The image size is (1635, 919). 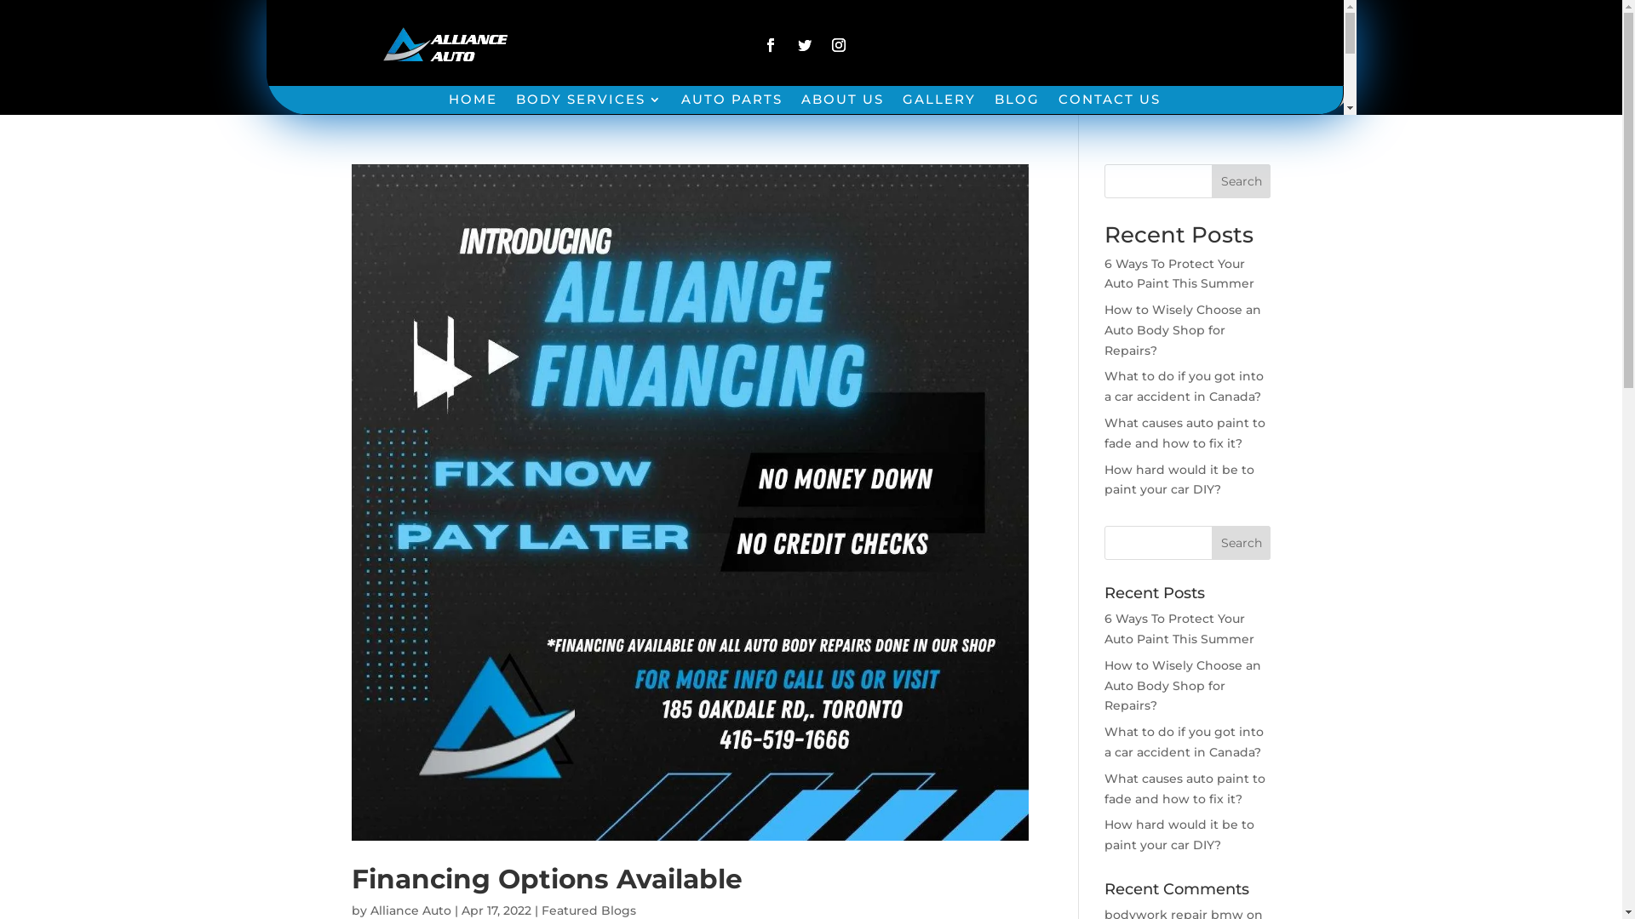 What do you see at coordinates (838, 44) in the screenshot?
I see `'Follow on Instagram'` at bounding box center [838, 44].